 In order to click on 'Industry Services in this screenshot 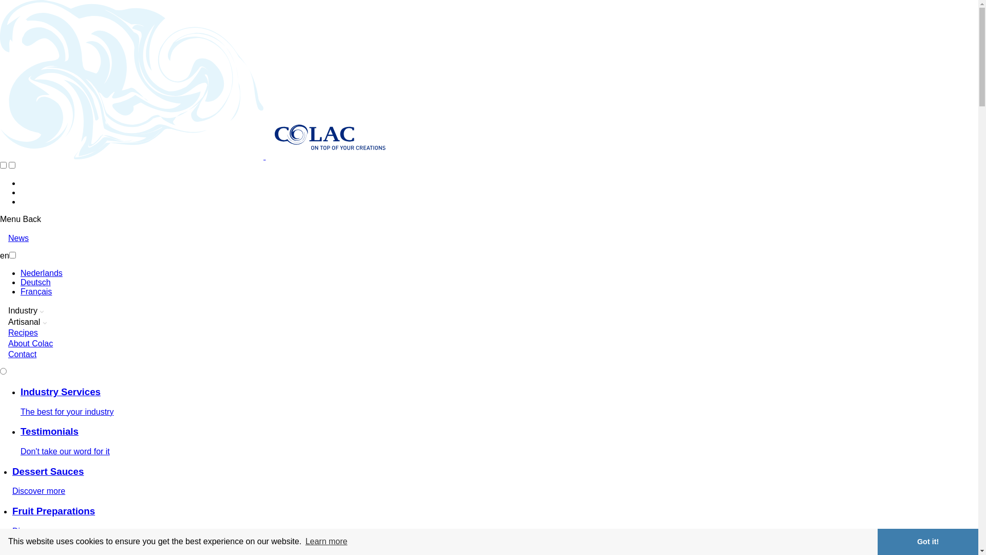, I will do `click(499, 401)`.